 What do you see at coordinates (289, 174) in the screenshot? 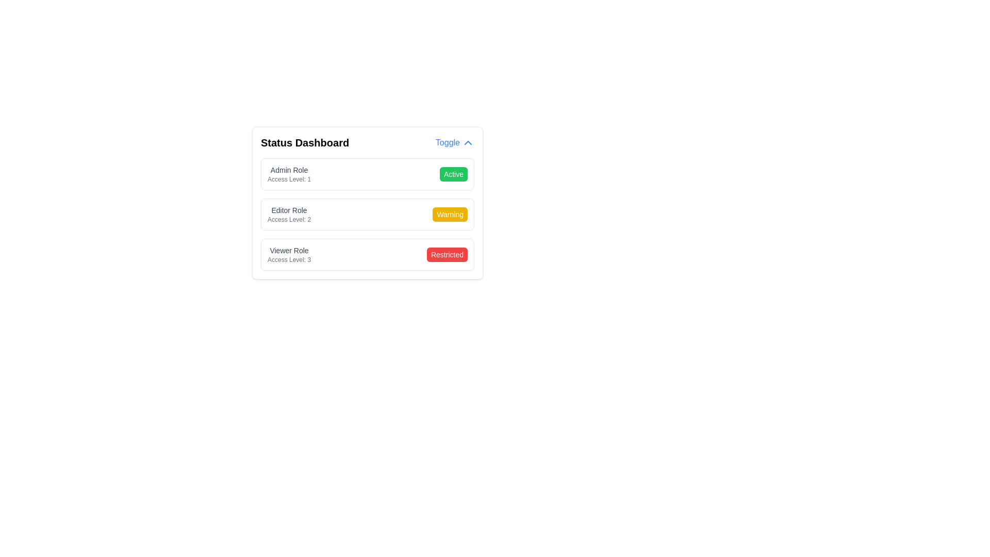
I see `the text label displaying 'Admin Role Access Level: 1', which features 'Admin Role' in a larger, bold font and 'Access Level: 1' in a smaller, lighter font, centrally aligned in a muted gray color scheme` at bounding box center [289, 174].